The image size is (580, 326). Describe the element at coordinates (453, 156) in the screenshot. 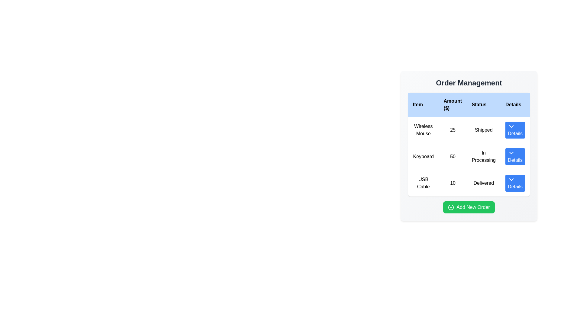

I see `the display-only text component that shows the monetary value for the 'Keyboard' item, located in the second row of the table under the 'Amount ($)' column` at that location.